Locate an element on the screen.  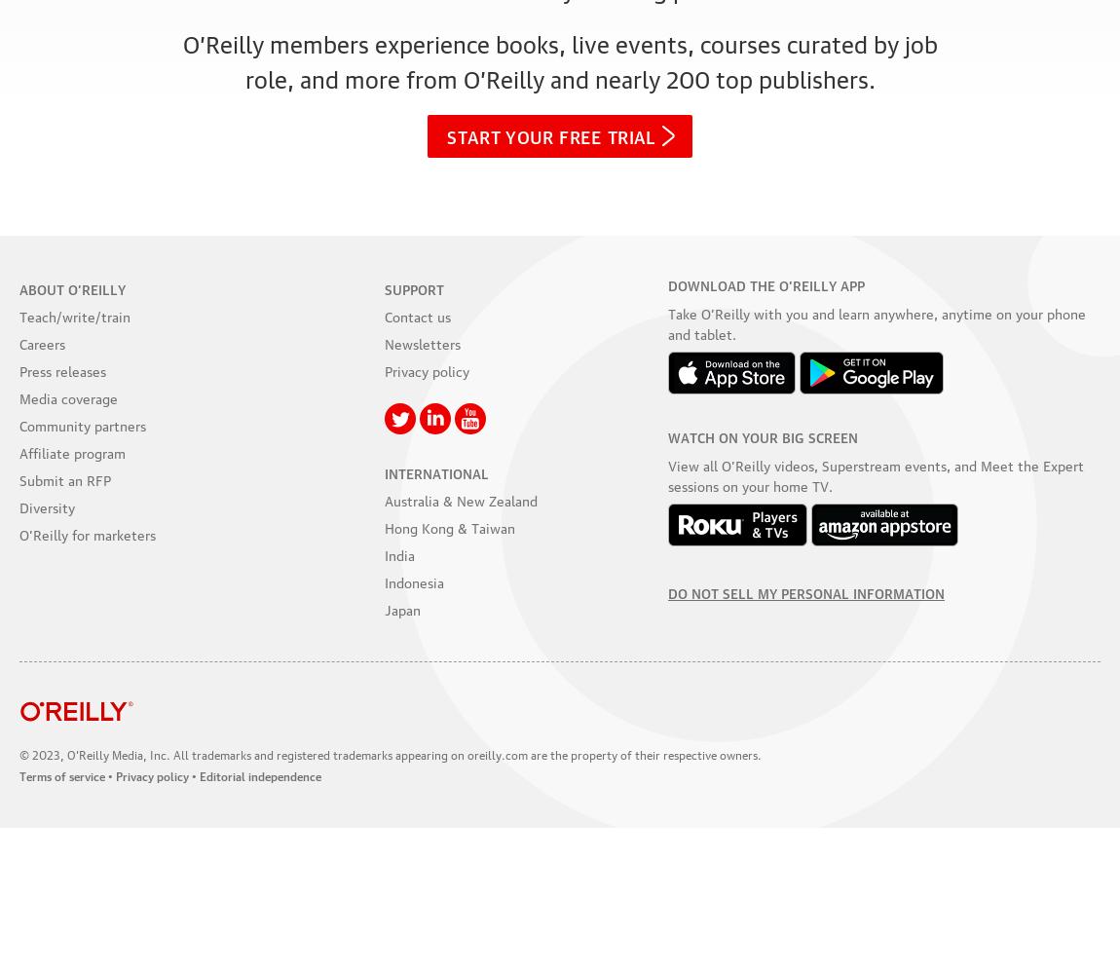
'View all O’Reilly videos, Superstream events, and Meet the Expert sessions on your' is located at coordinates (666, 472).